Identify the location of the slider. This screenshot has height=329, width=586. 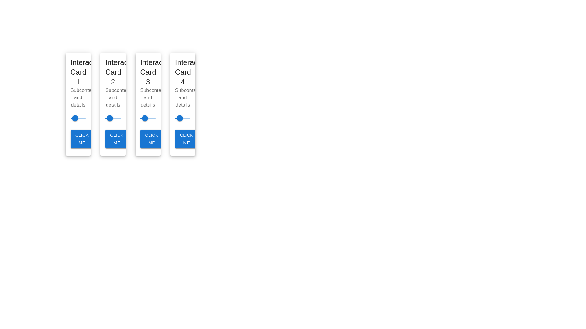
(115, 118).